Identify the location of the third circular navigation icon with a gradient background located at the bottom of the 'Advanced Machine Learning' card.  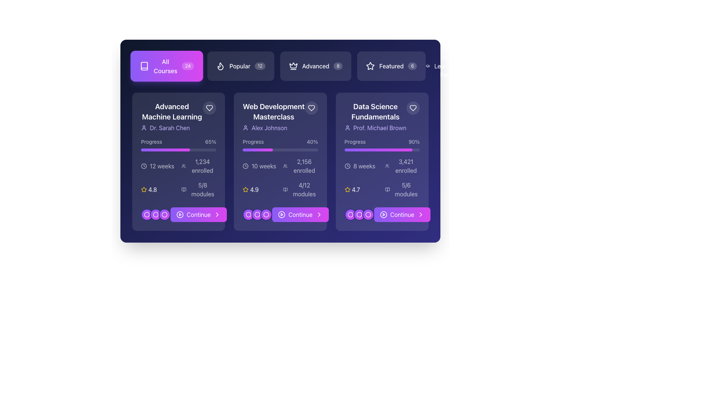
(164, 214).